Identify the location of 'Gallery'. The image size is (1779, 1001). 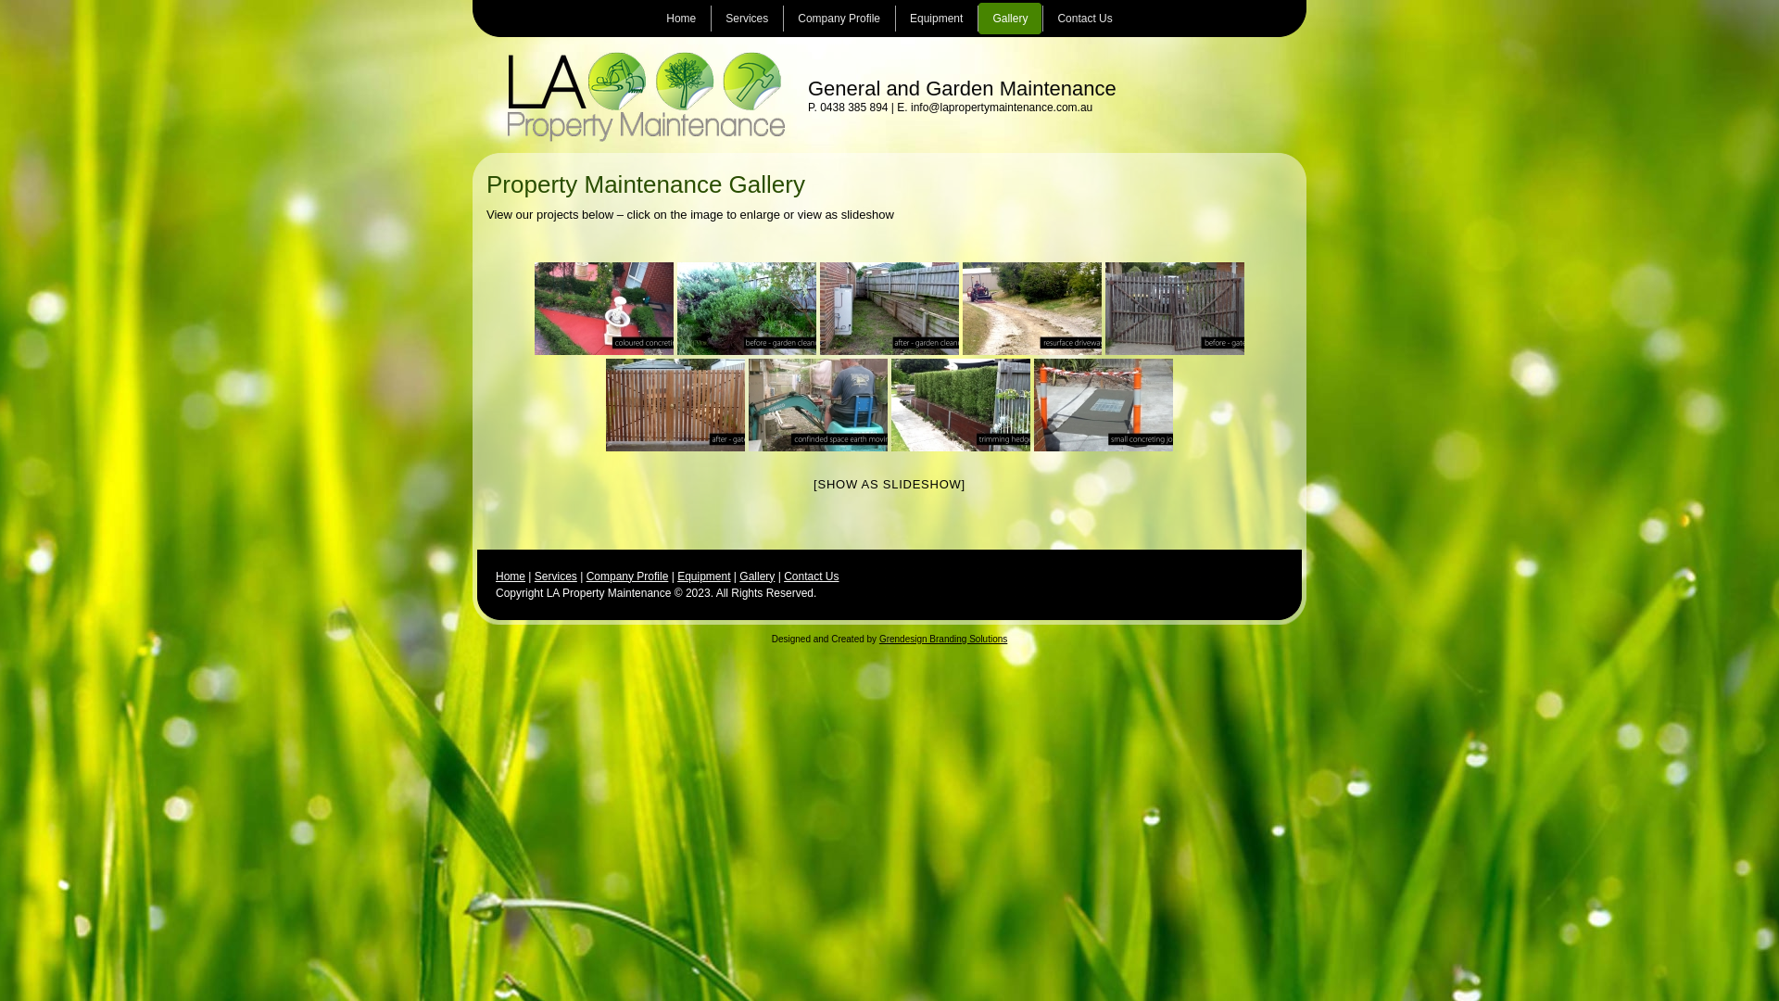
(756, 575).